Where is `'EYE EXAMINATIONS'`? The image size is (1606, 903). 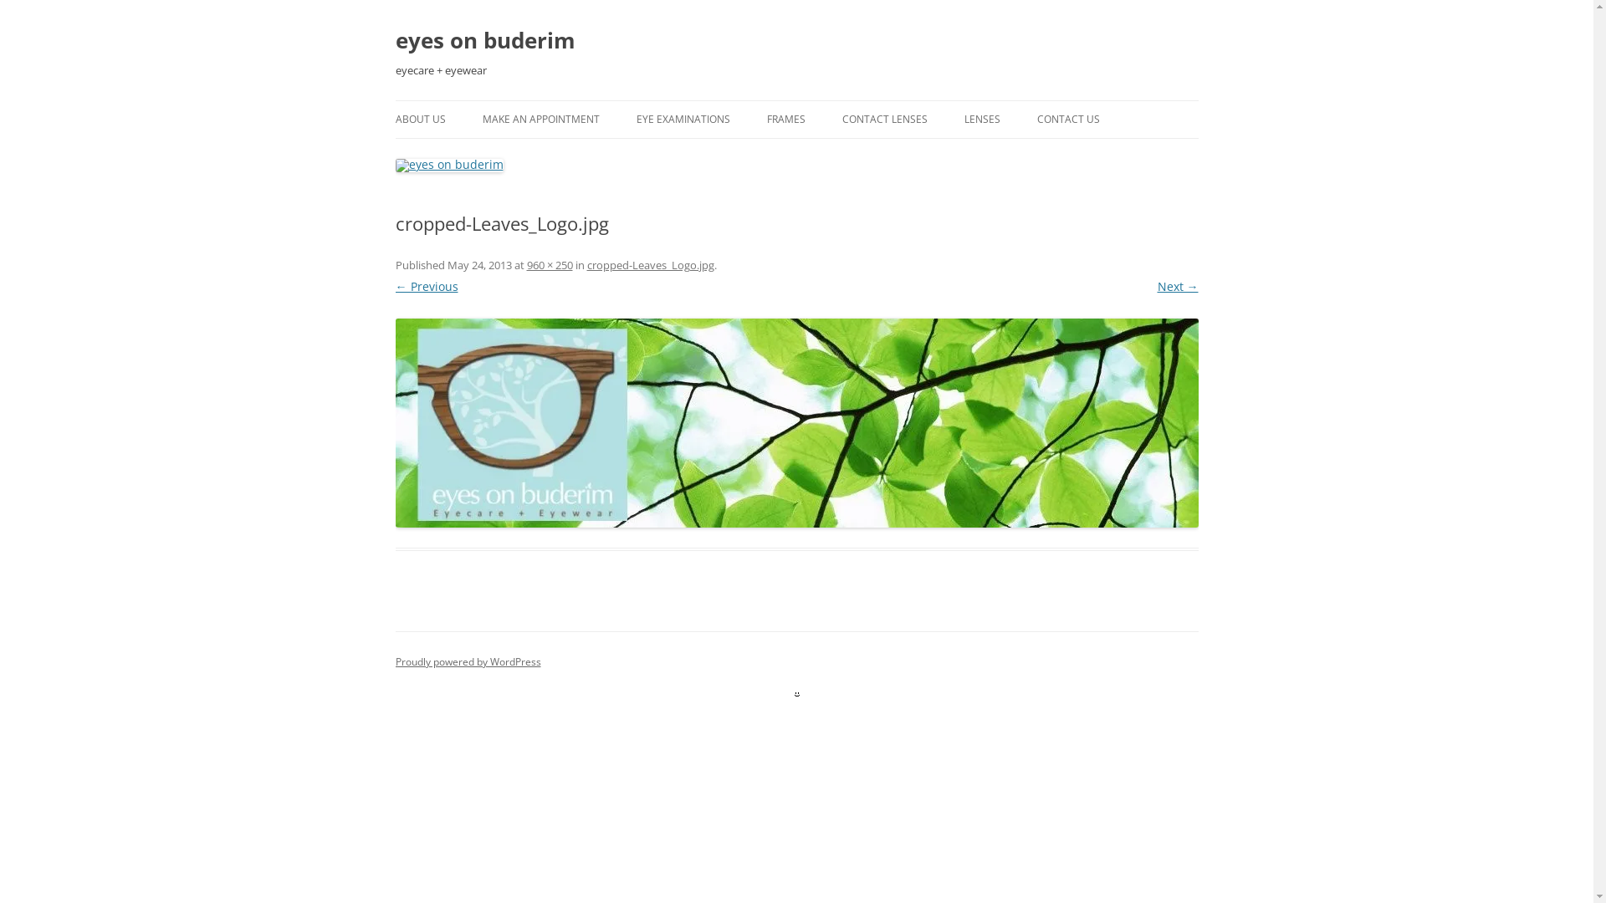
'EYE EXAMINATIONS' is located at coordinates (683, 118).